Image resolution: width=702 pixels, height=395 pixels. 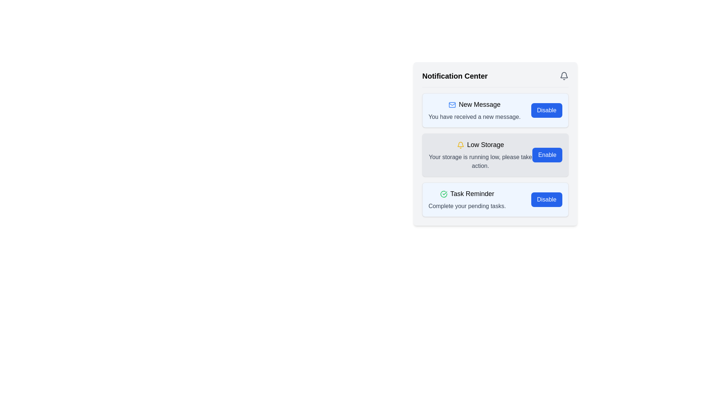 I want to click on the small rectangular shape with rounded corners that is part of the envelope icon, positioned to the left of the 'New Message' text, so click(x=452, y=105).